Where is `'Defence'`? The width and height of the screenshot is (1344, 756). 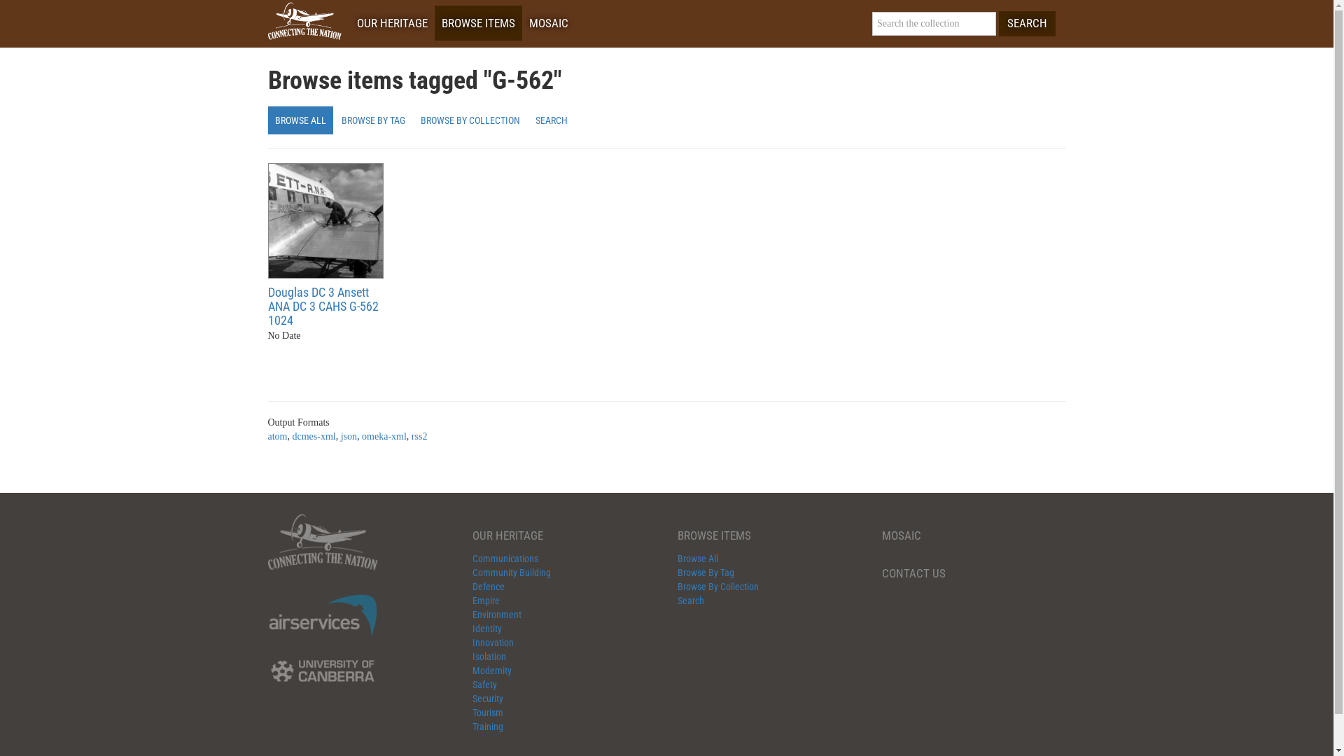 'Defence' is located at coordinates (488, 586).